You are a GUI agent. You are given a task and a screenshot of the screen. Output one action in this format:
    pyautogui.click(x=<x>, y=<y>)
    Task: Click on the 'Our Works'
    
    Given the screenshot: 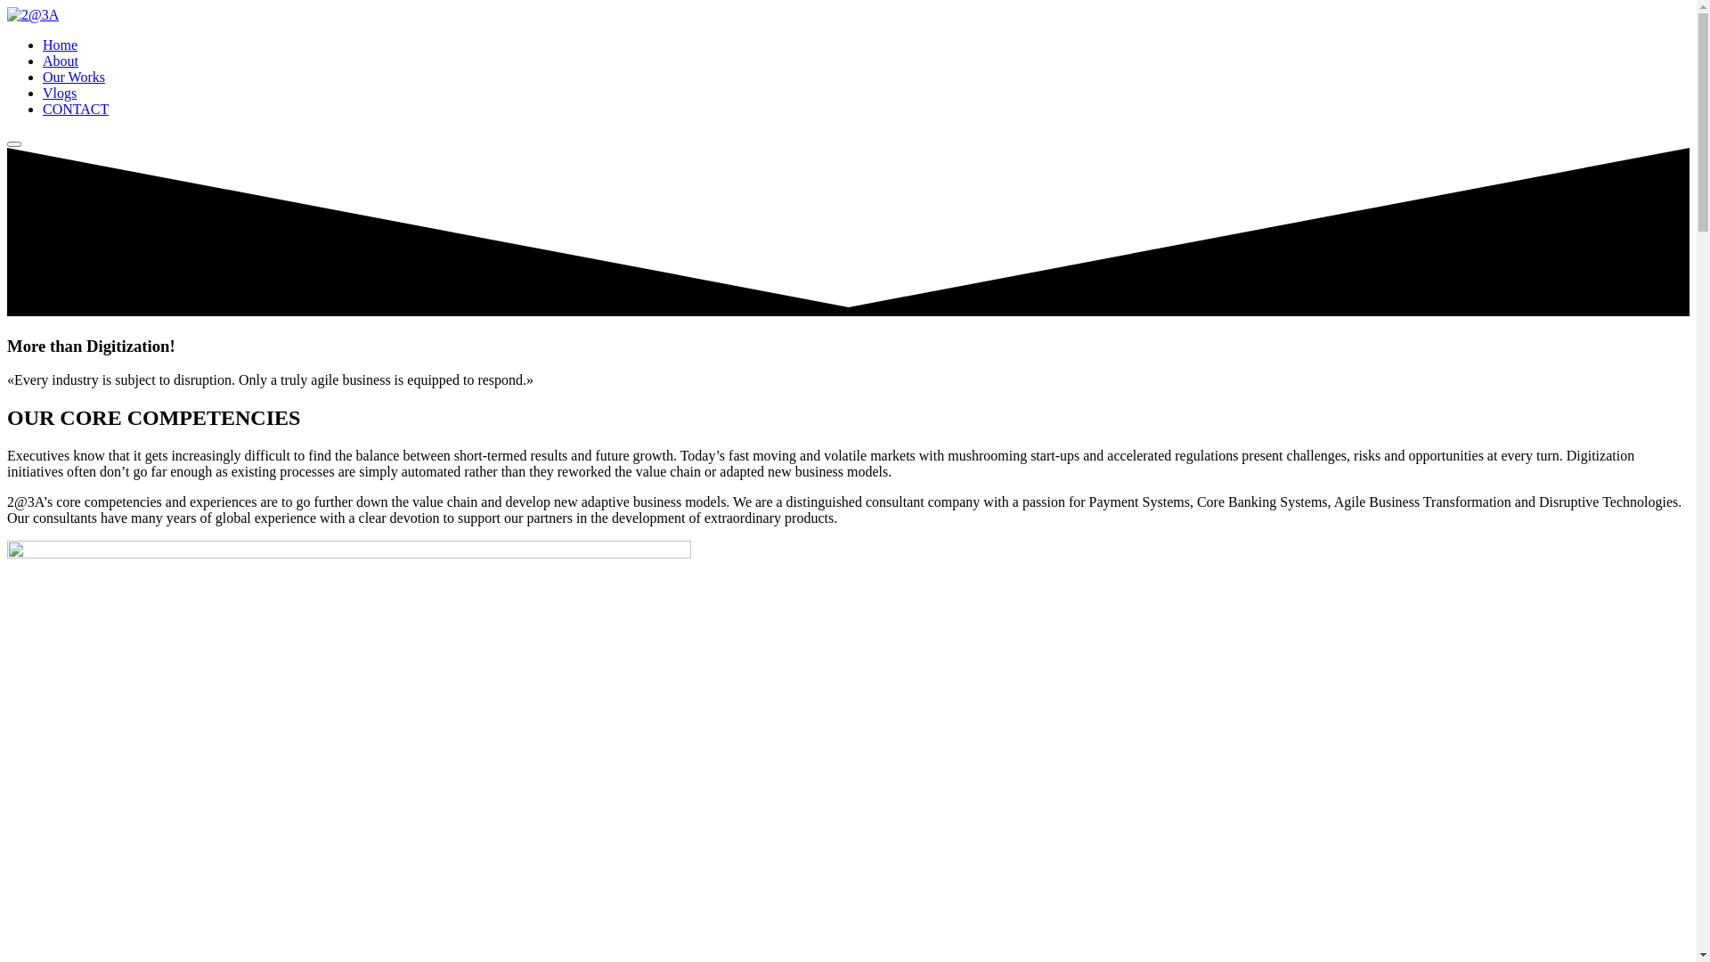 What is the action you would take?
    pyautogui.click(x=72, y=76)
    